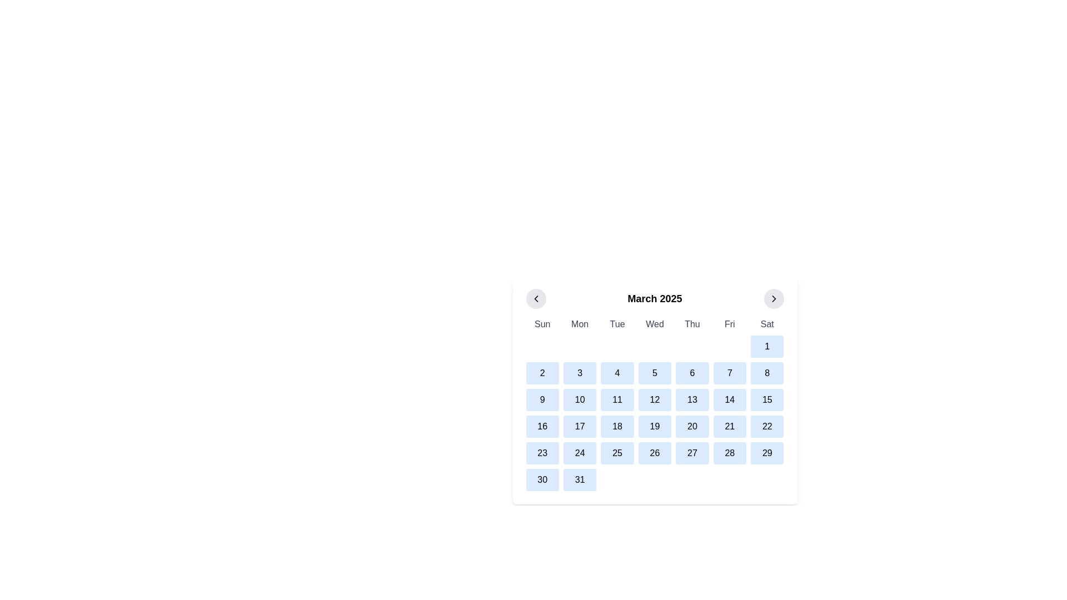  Describe the element at coordinates (730, 324) in the screenshot. I see `the text label displaying 'Fri' in the calendar grid, which is styled in gray and located above the date buttons` at that location.